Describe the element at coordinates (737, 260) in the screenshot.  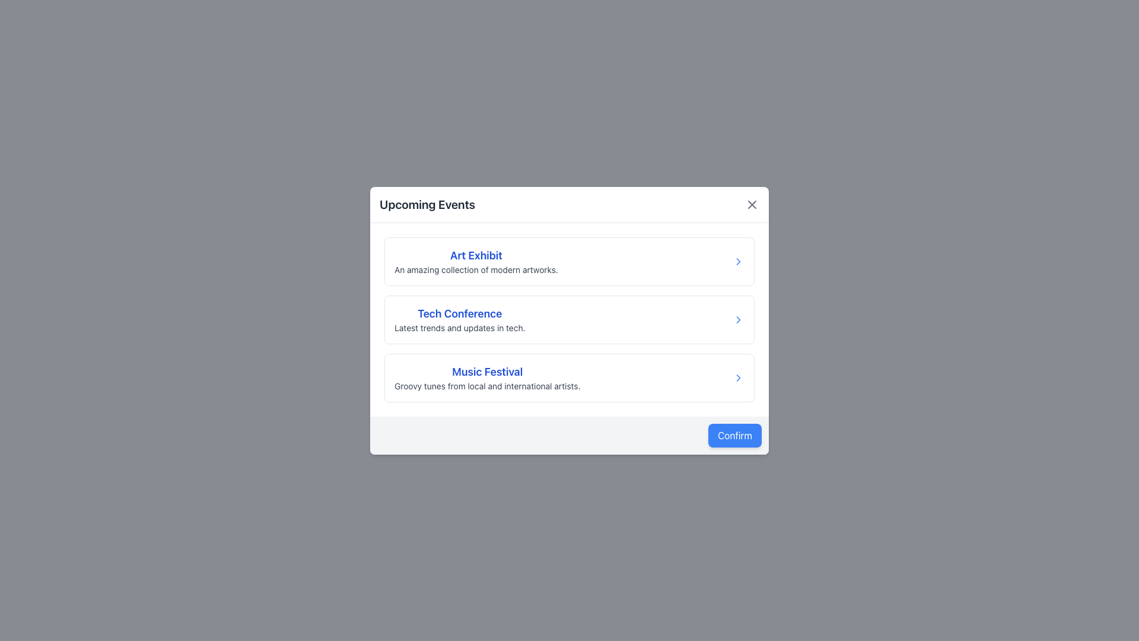
I see `the navigation button located at the rightmost side of the event card for the 'Art Exhibit' to proceed to more information` at that location.